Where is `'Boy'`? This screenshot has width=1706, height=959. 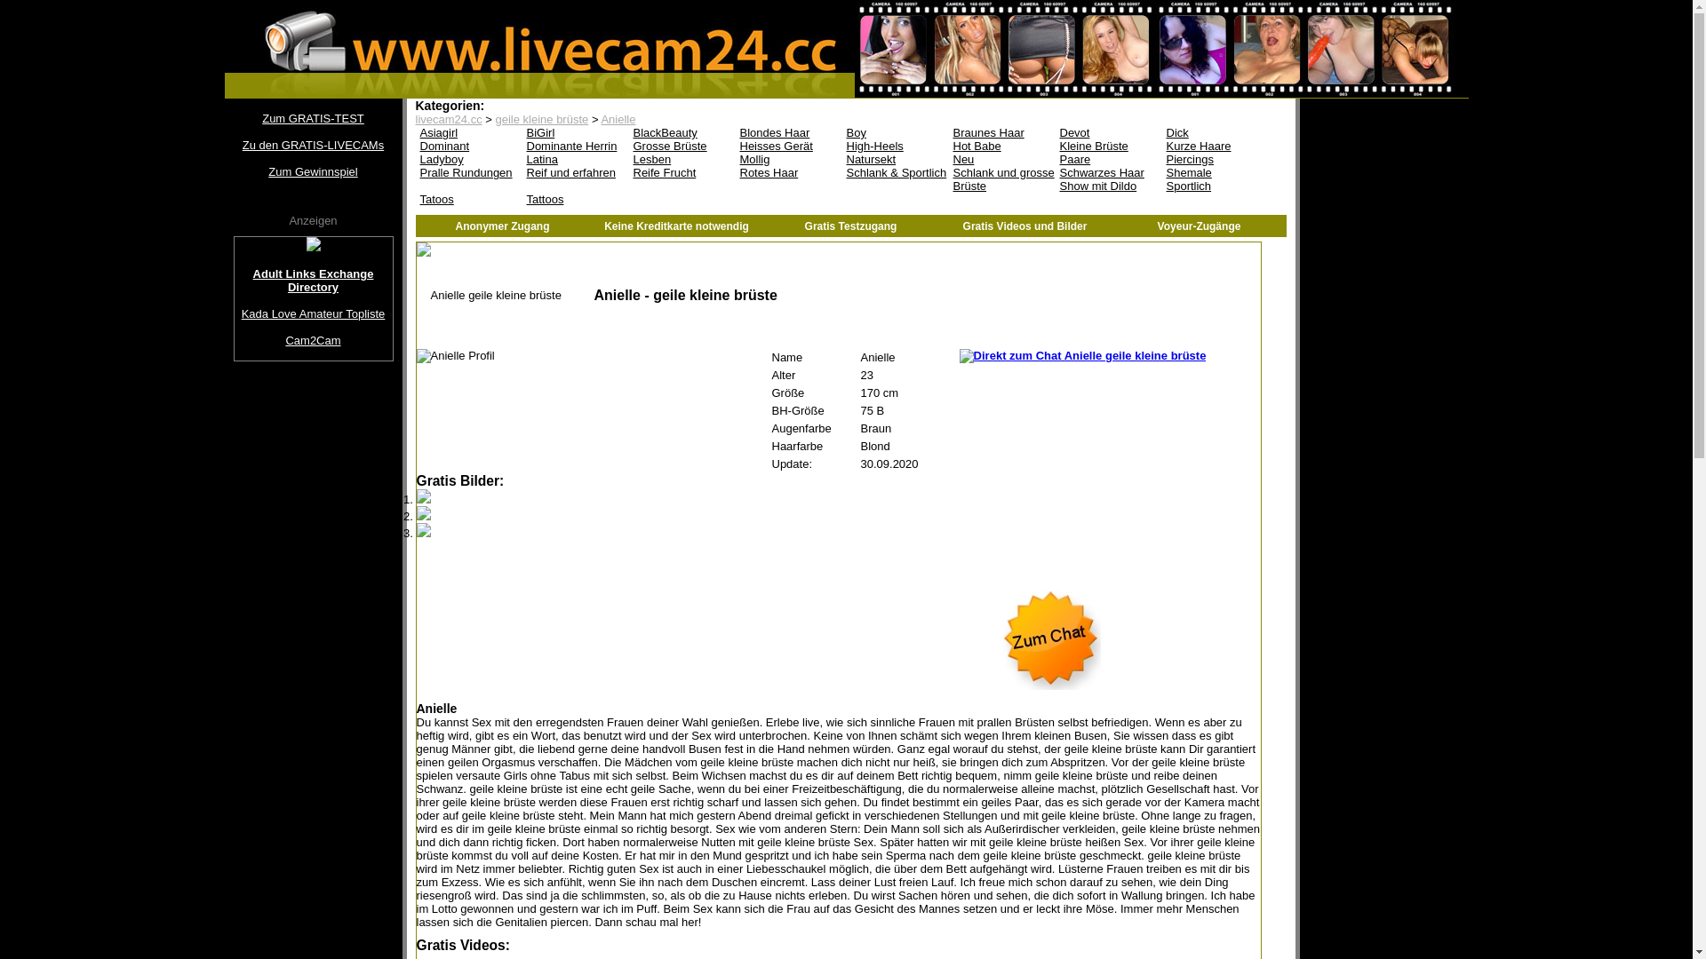
'Boy' is located at coordinates (841, 131).